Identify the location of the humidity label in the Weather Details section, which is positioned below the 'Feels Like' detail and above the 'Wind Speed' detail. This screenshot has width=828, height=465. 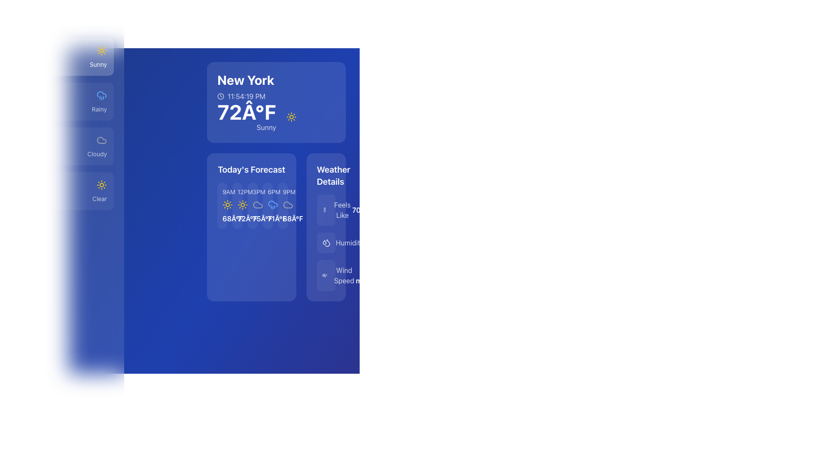
(350, 242).